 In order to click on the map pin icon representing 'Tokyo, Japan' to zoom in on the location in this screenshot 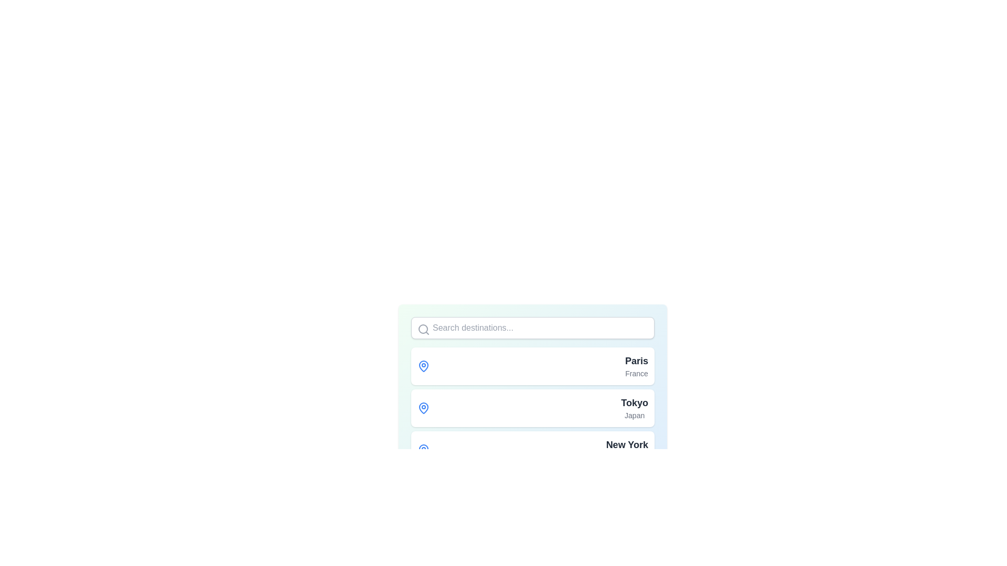, I will do `click(423, 407)`.